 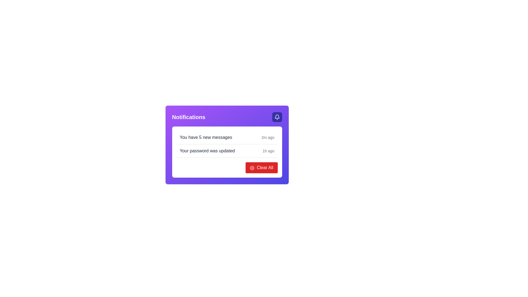 What do you see at coordinates (227, 137) in the screenshot?
I see `the first Informational Notification Item that displays 'You have 5 new messages' on the left and '2m ago' on the right` at bounding box center [227, 137].